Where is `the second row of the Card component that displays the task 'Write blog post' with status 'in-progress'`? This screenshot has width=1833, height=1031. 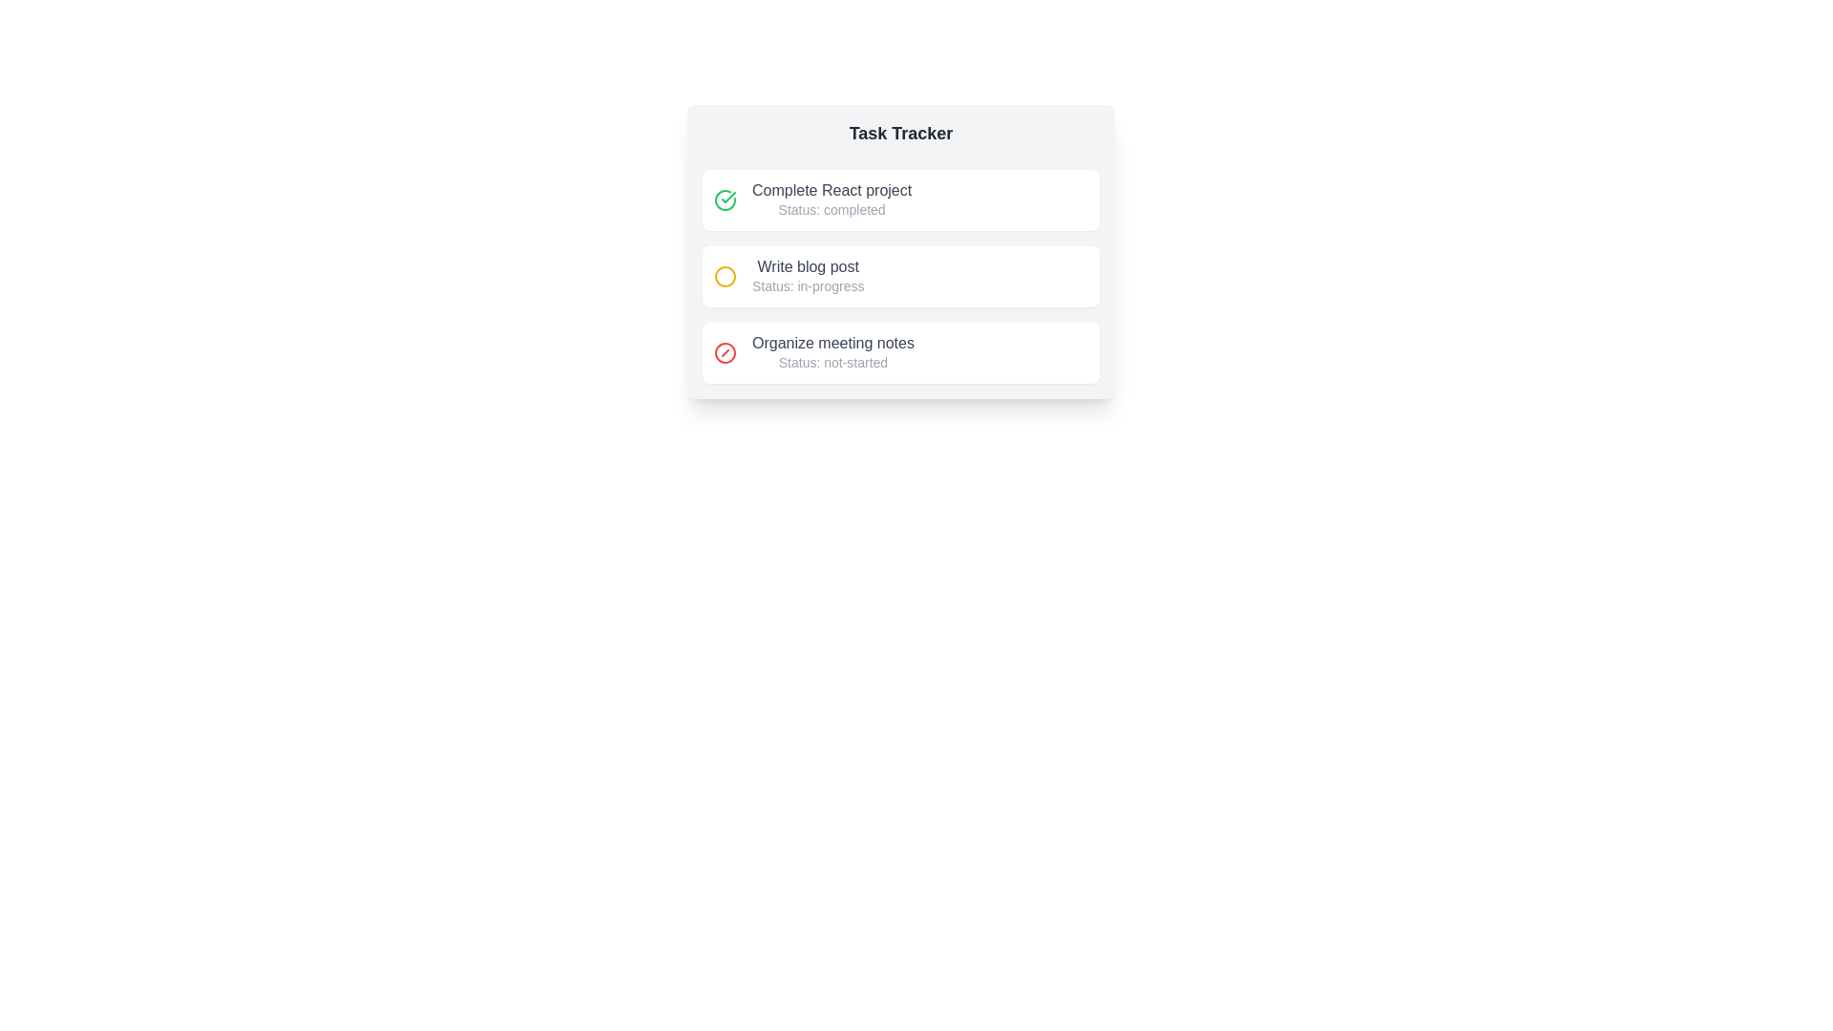
the second row of the Card component that displays the task 'Write blog post' with status 'in-progress' is located at coordinates (900, 250).